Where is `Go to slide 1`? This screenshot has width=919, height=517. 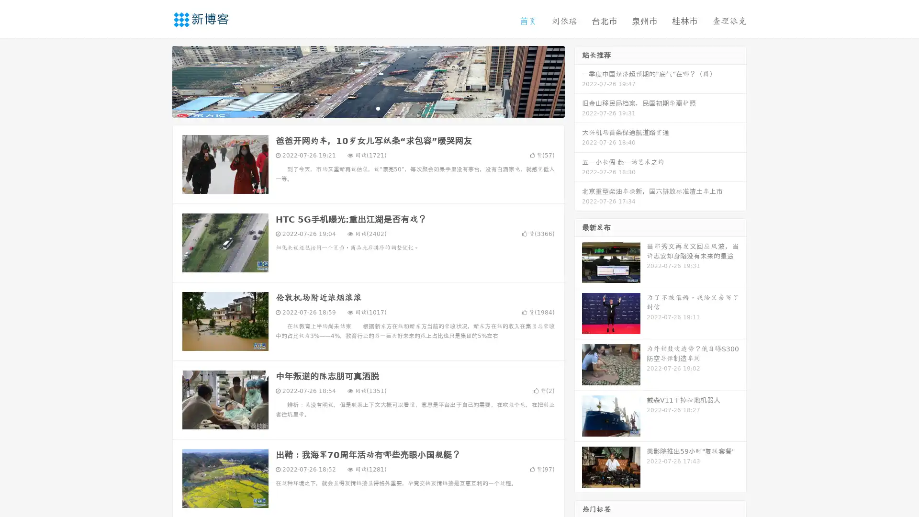
Go to slide 1 is located at coordinates (358, 108).